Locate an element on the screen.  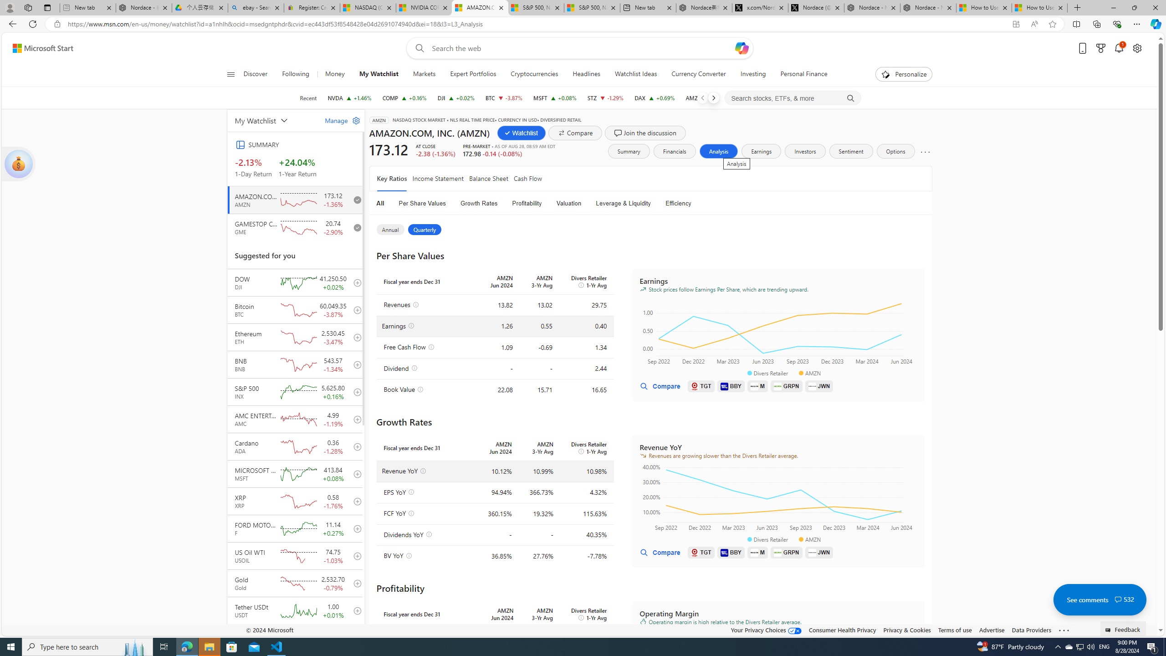
'Watchlist Ideas' is located at coordinates (635, 74).